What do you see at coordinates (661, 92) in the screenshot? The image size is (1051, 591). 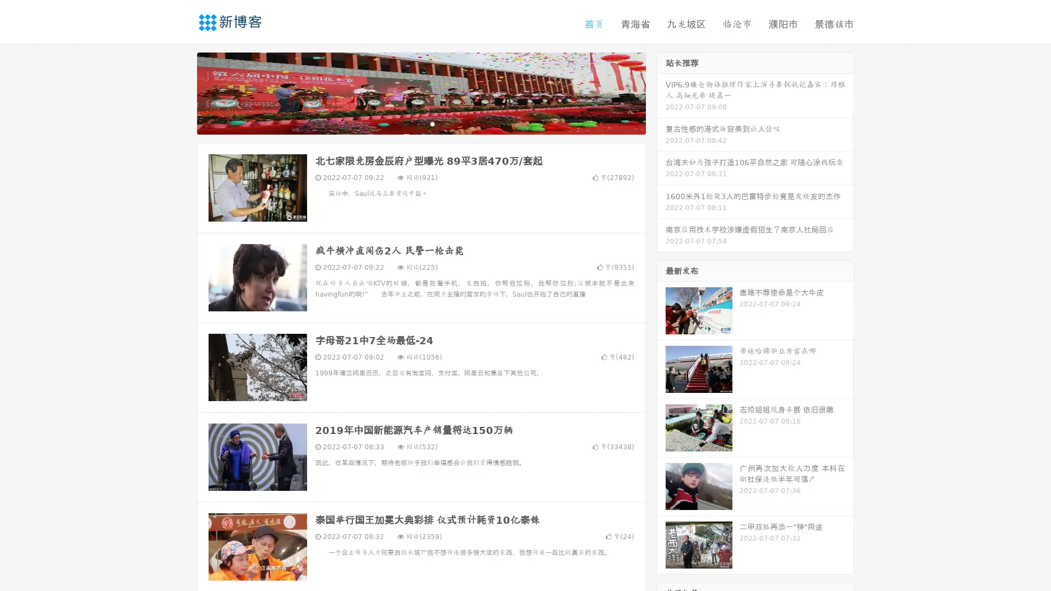 I see `Next slide` at bounding box center [661, 92].